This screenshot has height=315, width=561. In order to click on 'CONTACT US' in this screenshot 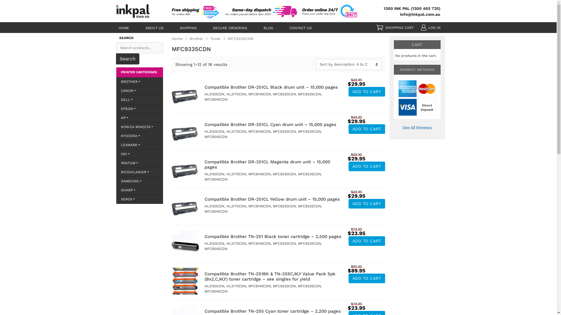, I will do `click(300, 28)`.